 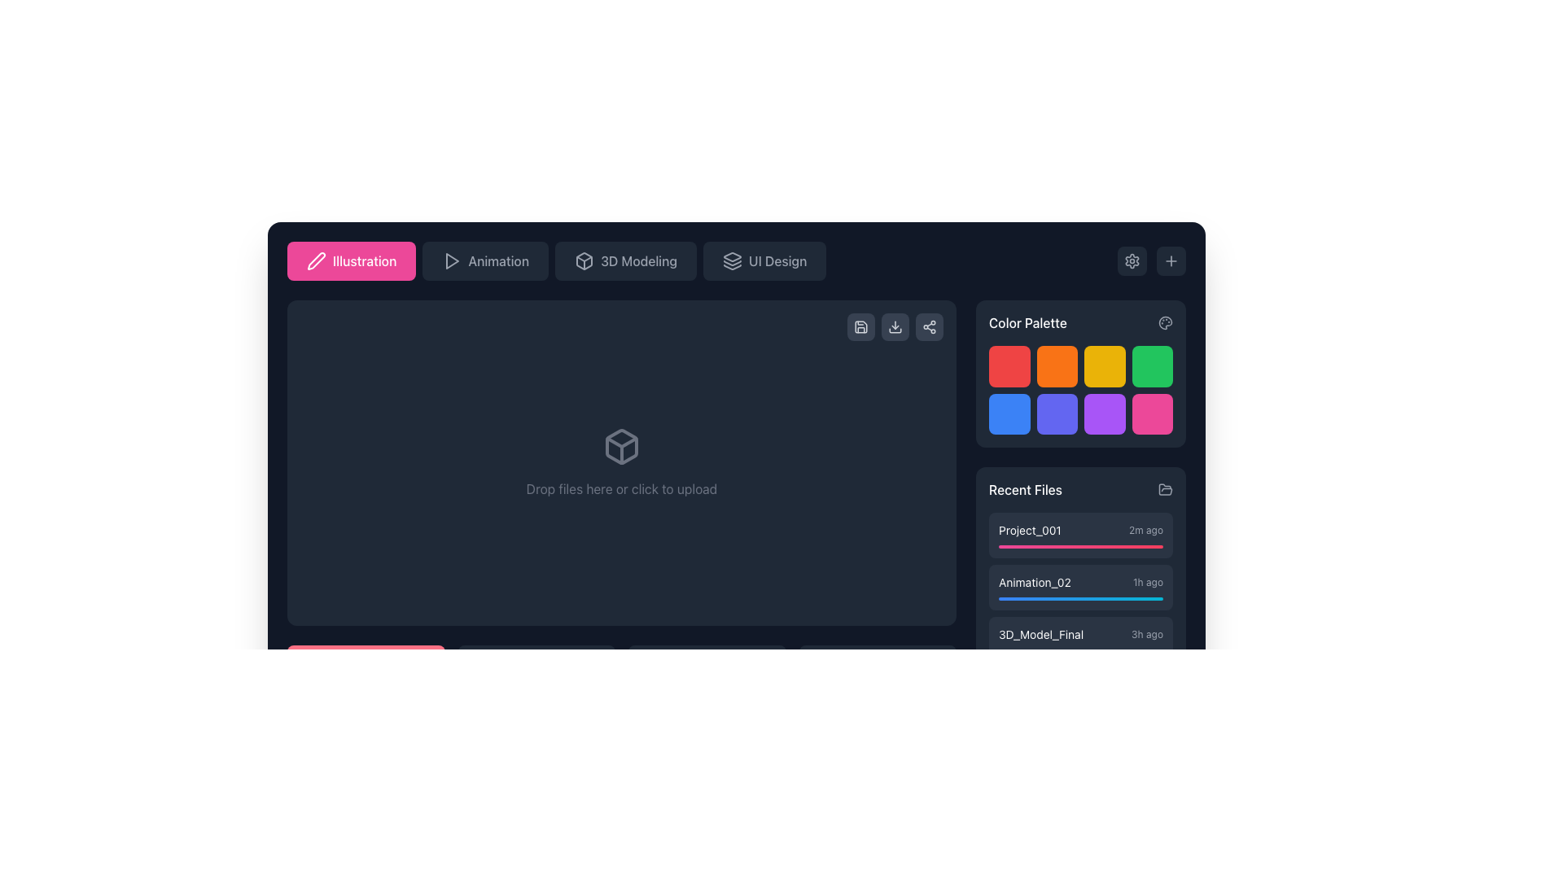 What do you see at coordinates (777, 260) in the screenshot?
I see `the text label displaying 'UI Design', which is styled with a medium-weight font and is located in the navigation bar next to an icon` at bounding box center [777, 260].